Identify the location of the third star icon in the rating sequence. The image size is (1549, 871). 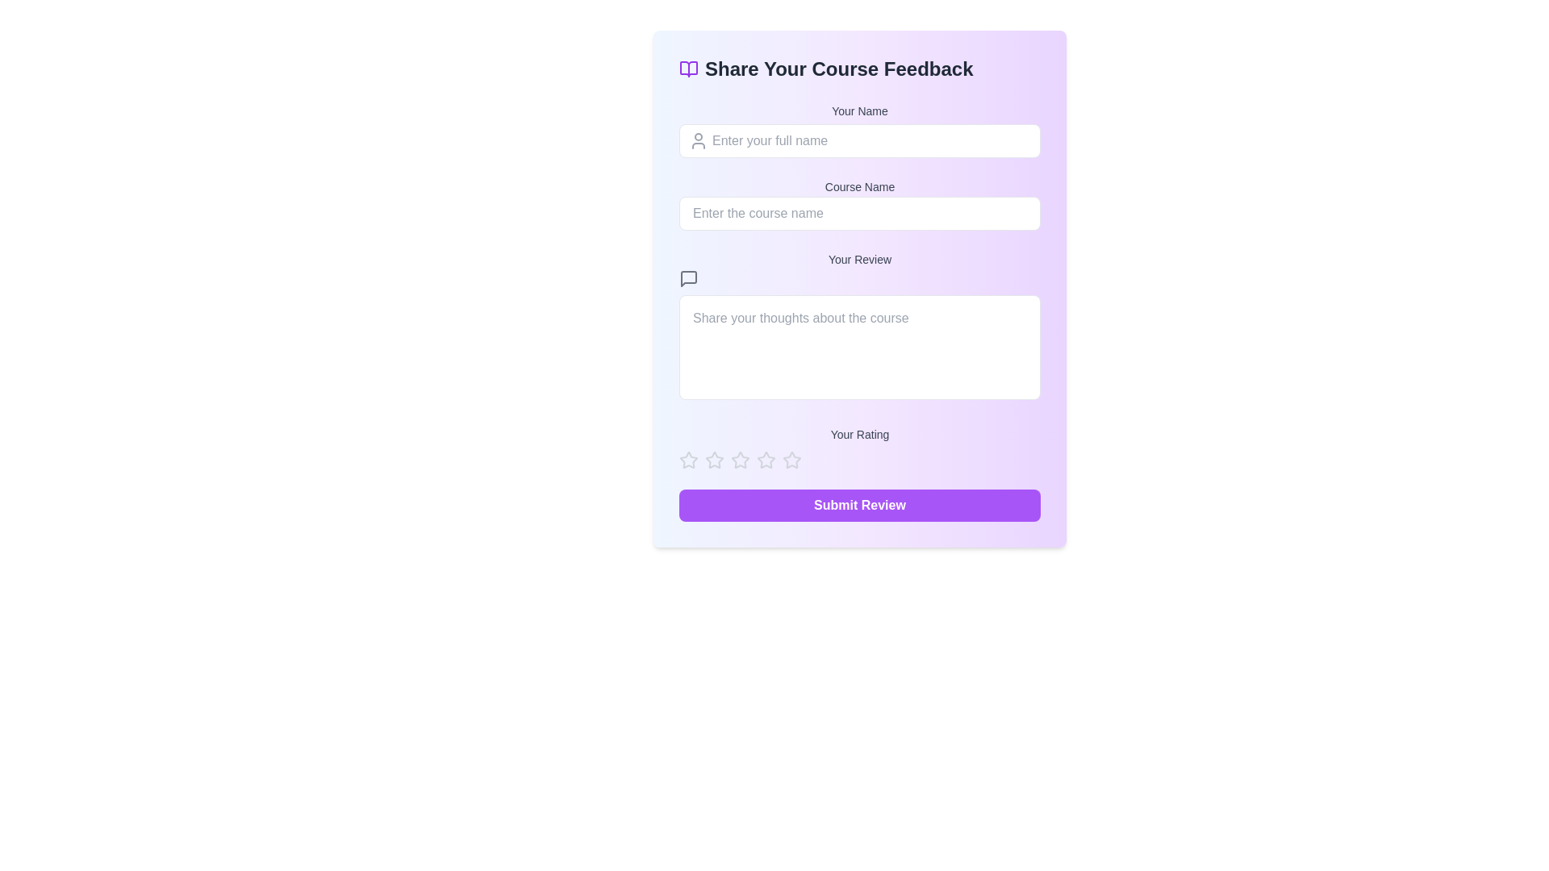
(714, 460).